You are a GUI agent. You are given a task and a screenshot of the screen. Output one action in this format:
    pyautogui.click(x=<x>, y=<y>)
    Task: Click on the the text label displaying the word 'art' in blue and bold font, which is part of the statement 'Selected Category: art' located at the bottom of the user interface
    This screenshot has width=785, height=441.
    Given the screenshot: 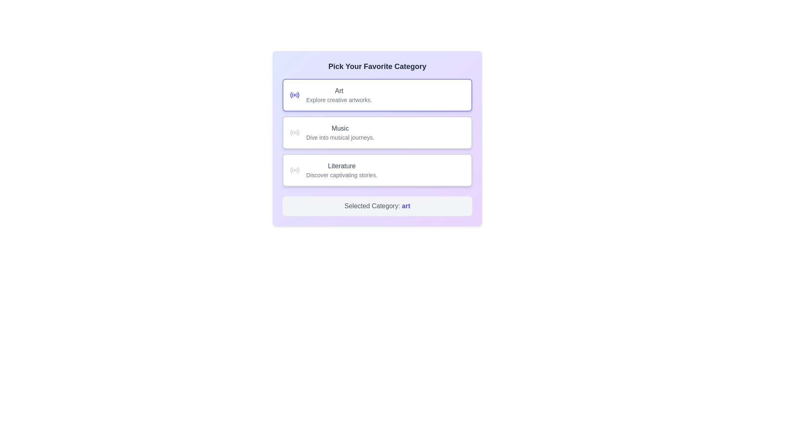 What is the action you would take?
    pyautogui.click(x=406, y=205)
    